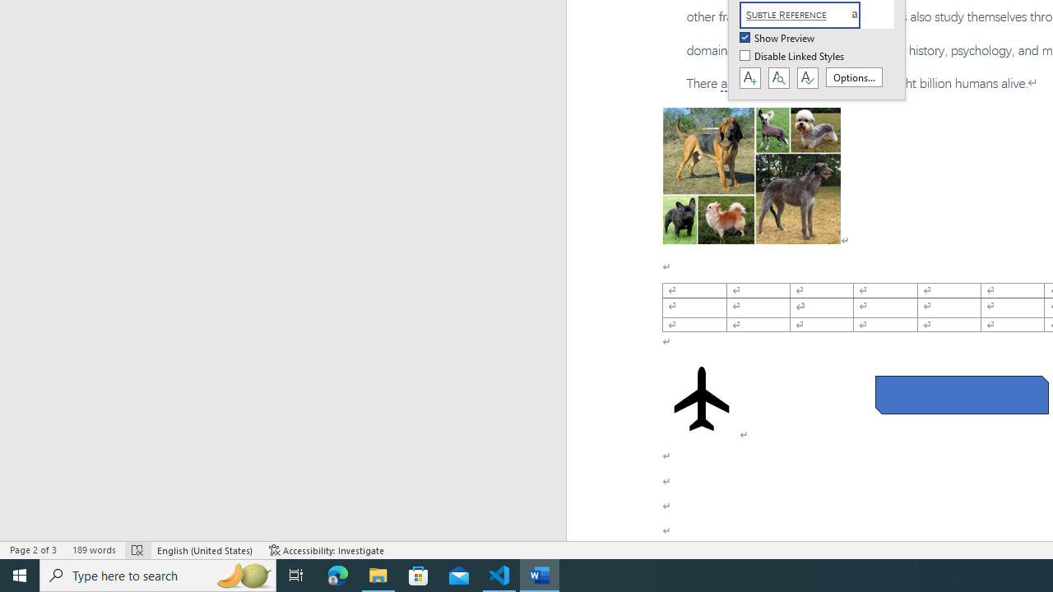 The height and width of the screenshot is (592, 1053). Describe the element at coordinates (33, 550) in the screenshot. I see `'Page Number Page 2 of 3'` at that location.